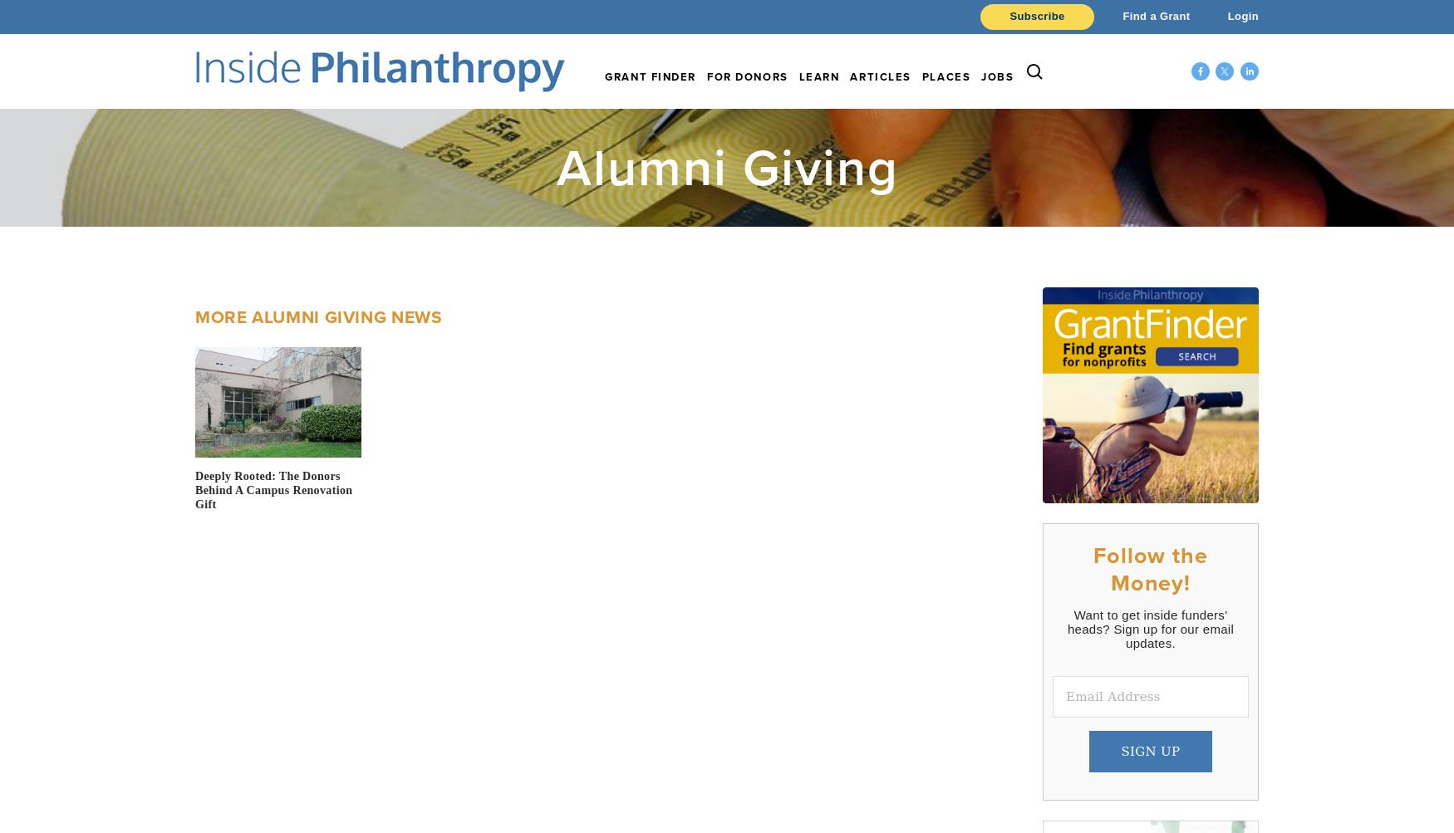 This screenshot has height=833, width=1454. What do you see at coordinates (818, 76) in the screenshot?
I see `'Learn'` at bounding box center [818, 76].